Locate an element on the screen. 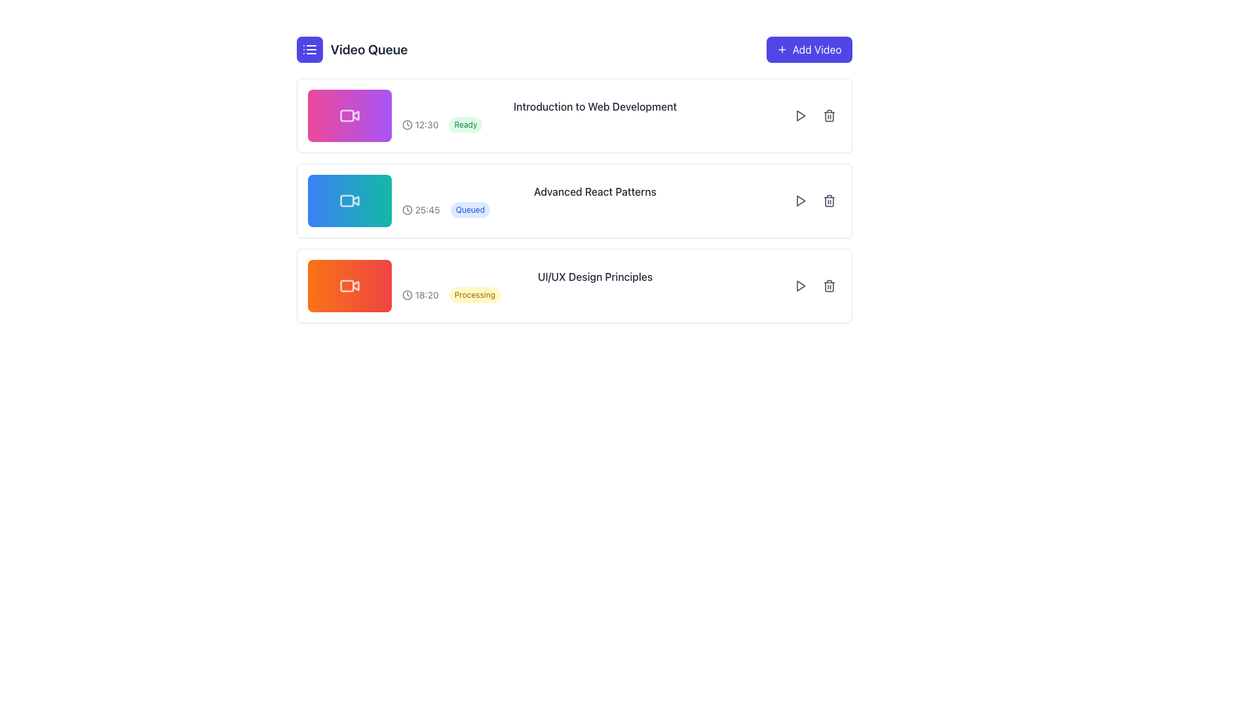 This screenshot has width=1258, height=707. displayed text of the video title label, which is centrally positioned in the second row of a vertical list of video items, below the time label '25:45' and next to the 'Queued' status tag is located at coordinates (594, 192).